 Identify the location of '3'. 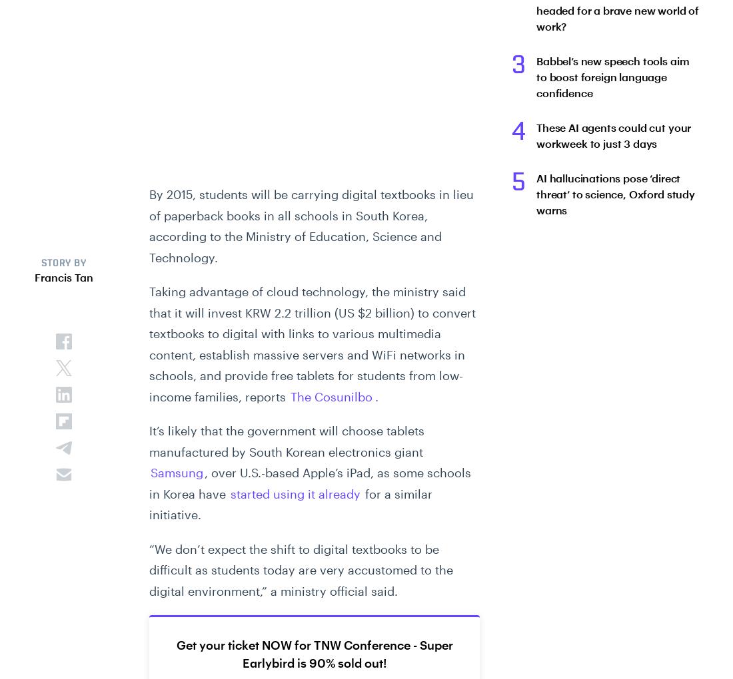
(518, 65).